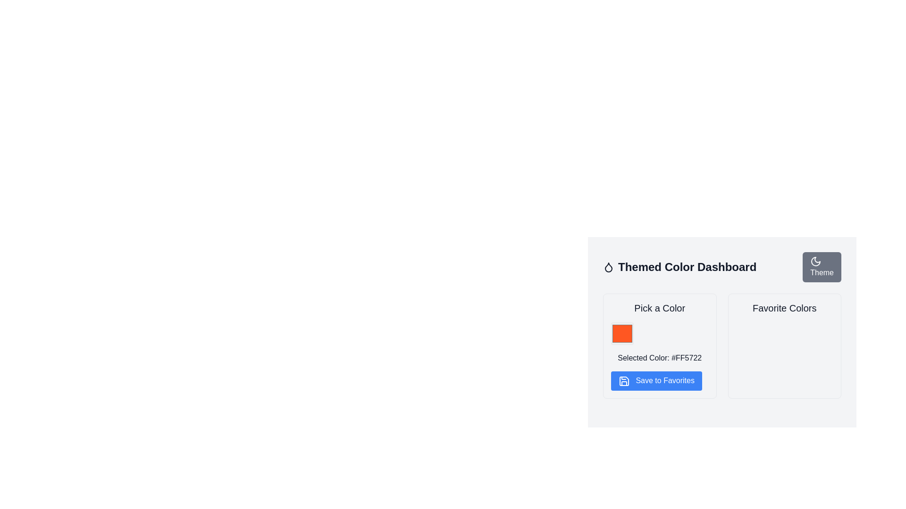 Image resolution: width=906 pixels, height=509 pixels. I want to click on the textual header titled 'Themed Color Dashboard', which features a large and bold font style and is located near the top-middle of the application interface, to the left of the 'Theme' button, so click(679, 267).